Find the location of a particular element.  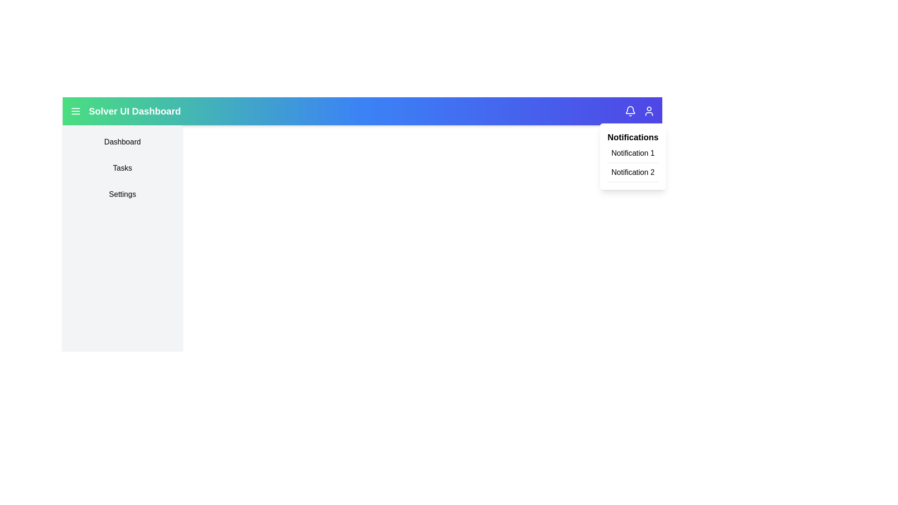

the 'Notification 2' text element, which is styled with a bottom border and displays in black on a white background, located in the dropdown panel beneath the 'Notifications' title is located at coordinates (633, 174).